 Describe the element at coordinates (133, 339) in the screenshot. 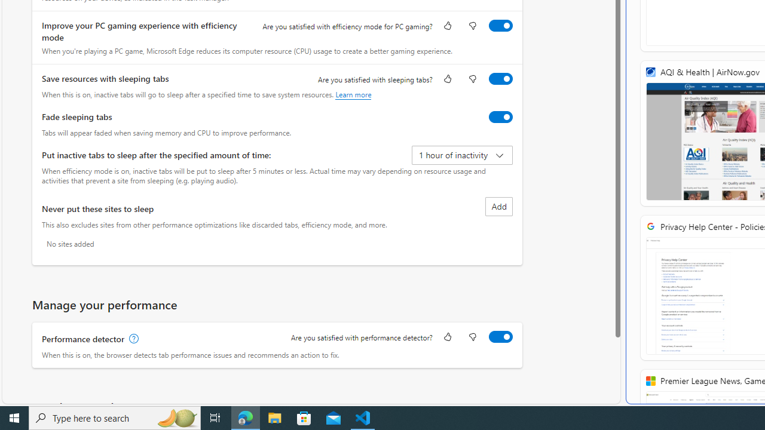

I see `'Performance detector, learn more'` at that location.